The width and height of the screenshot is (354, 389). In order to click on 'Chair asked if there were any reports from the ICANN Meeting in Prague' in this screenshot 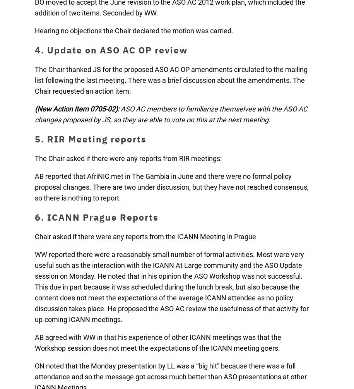, I will do `click(145, 236)`.